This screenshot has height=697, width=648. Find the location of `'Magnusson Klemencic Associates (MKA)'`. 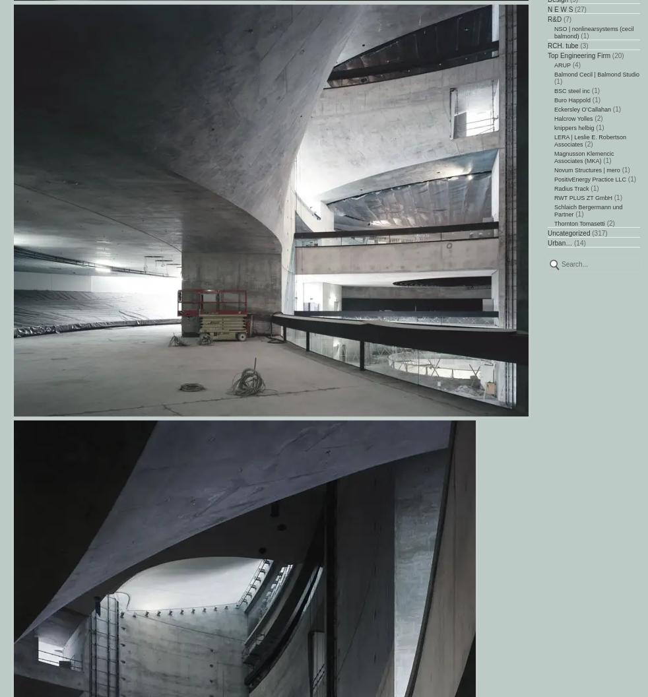

'Magnusson Klemencic Associates (MKA)' is located at coordinates (583, 156).